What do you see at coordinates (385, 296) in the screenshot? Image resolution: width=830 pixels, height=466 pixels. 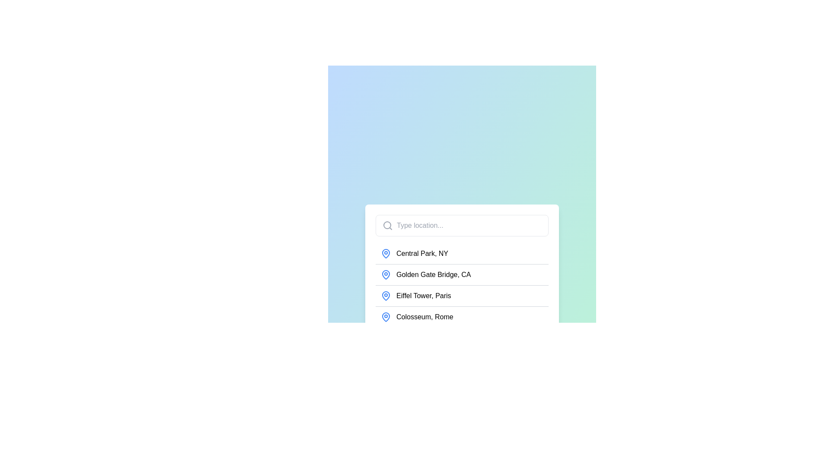 I see `the geographical location pin icon that denotes the item as a place or landmark, which is positioned to the left of the text 'Eiffel Tower, Paris'` at bounding box center [385, 296].